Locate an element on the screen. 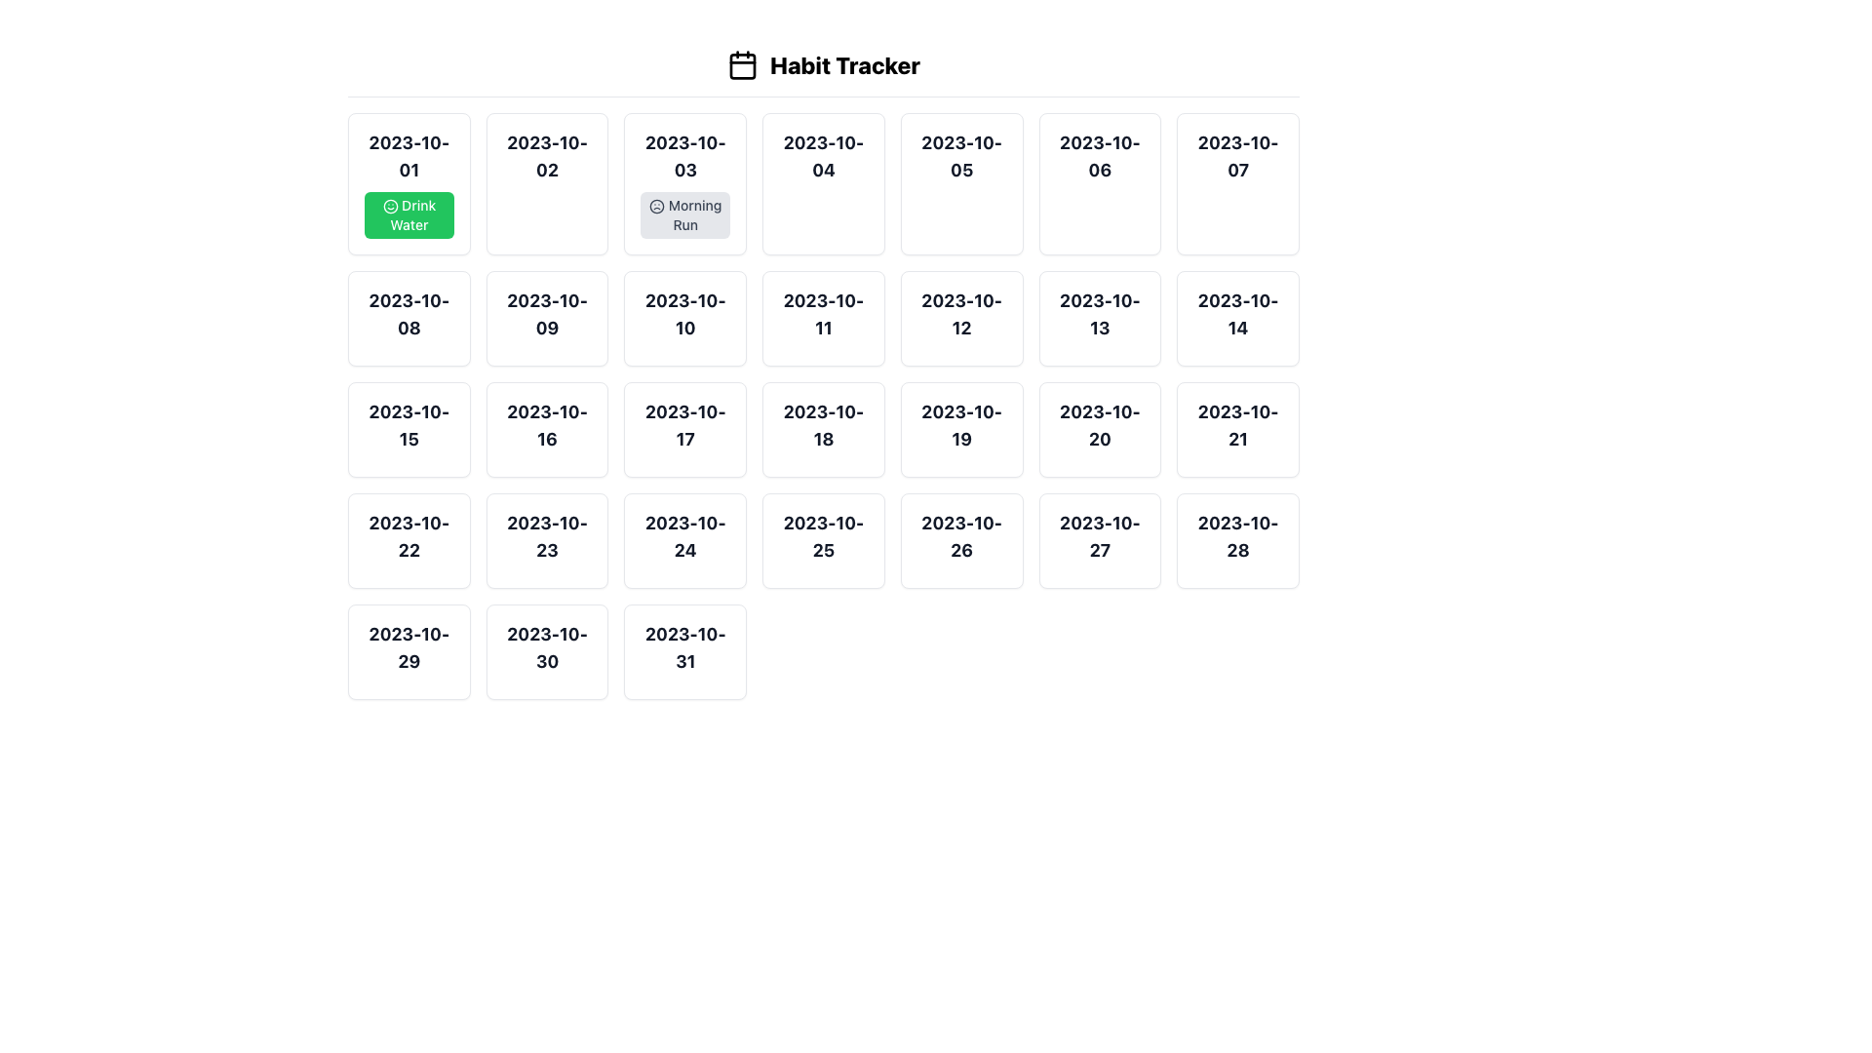 Image resolution: width=1872 pixels, height=1053 pixels. the Text Label displaying the date '2023-10-17' which is located in the third row and third column of the calendar grid is located at coordinates (685, 424).